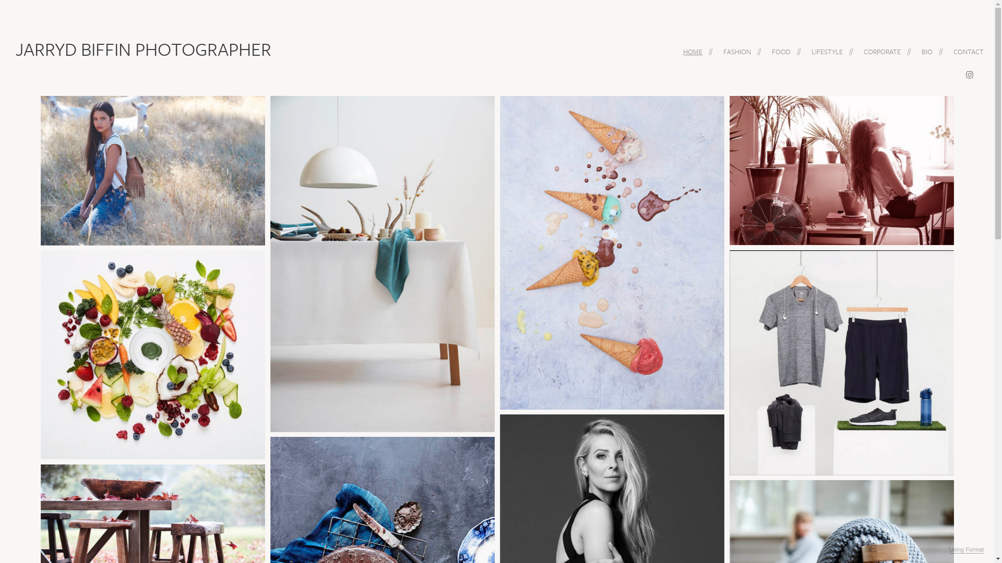  What do you see at coordinates (693, 50) in the screenshot?
I see `'HOME'` at bounding box center [693, 50].